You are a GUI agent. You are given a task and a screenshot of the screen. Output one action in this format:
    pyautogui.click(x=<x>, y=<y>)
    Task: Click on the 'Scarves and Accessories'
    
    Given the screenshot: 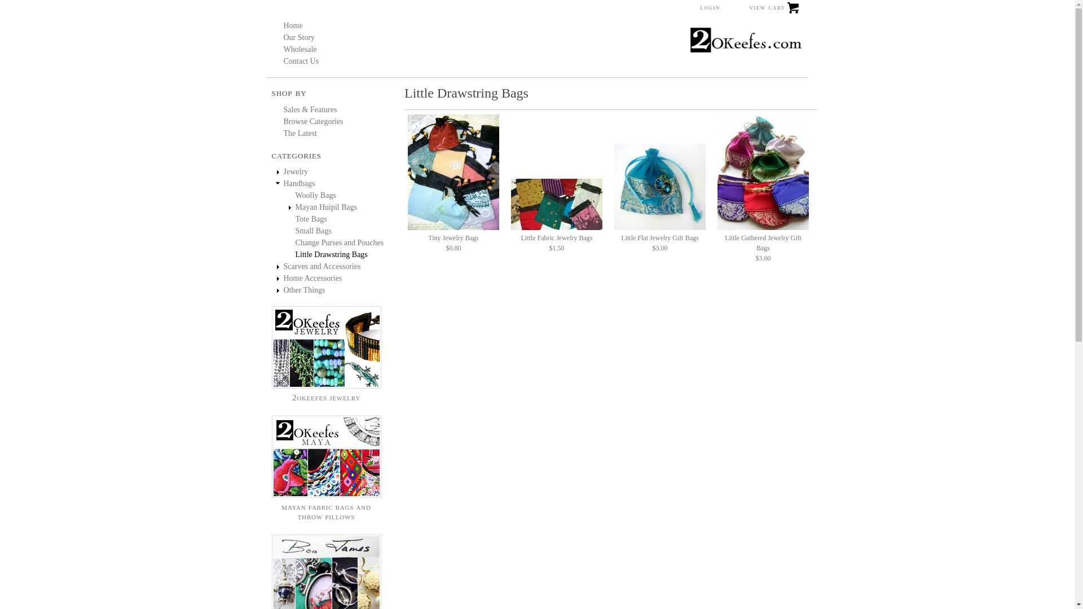 What is the action you would take?
    pyautogui.click(x=321, y=266)
    